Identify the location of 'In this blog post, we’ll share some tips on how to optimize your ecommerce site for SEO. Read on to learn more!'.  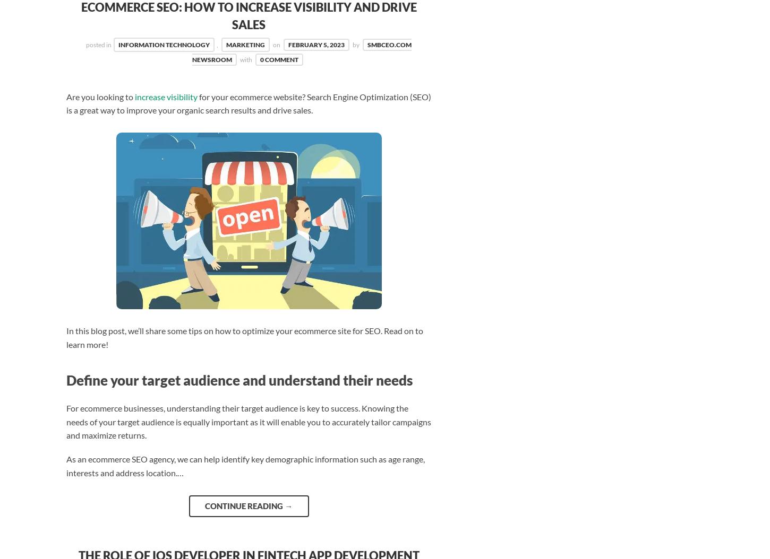
(244, 337).